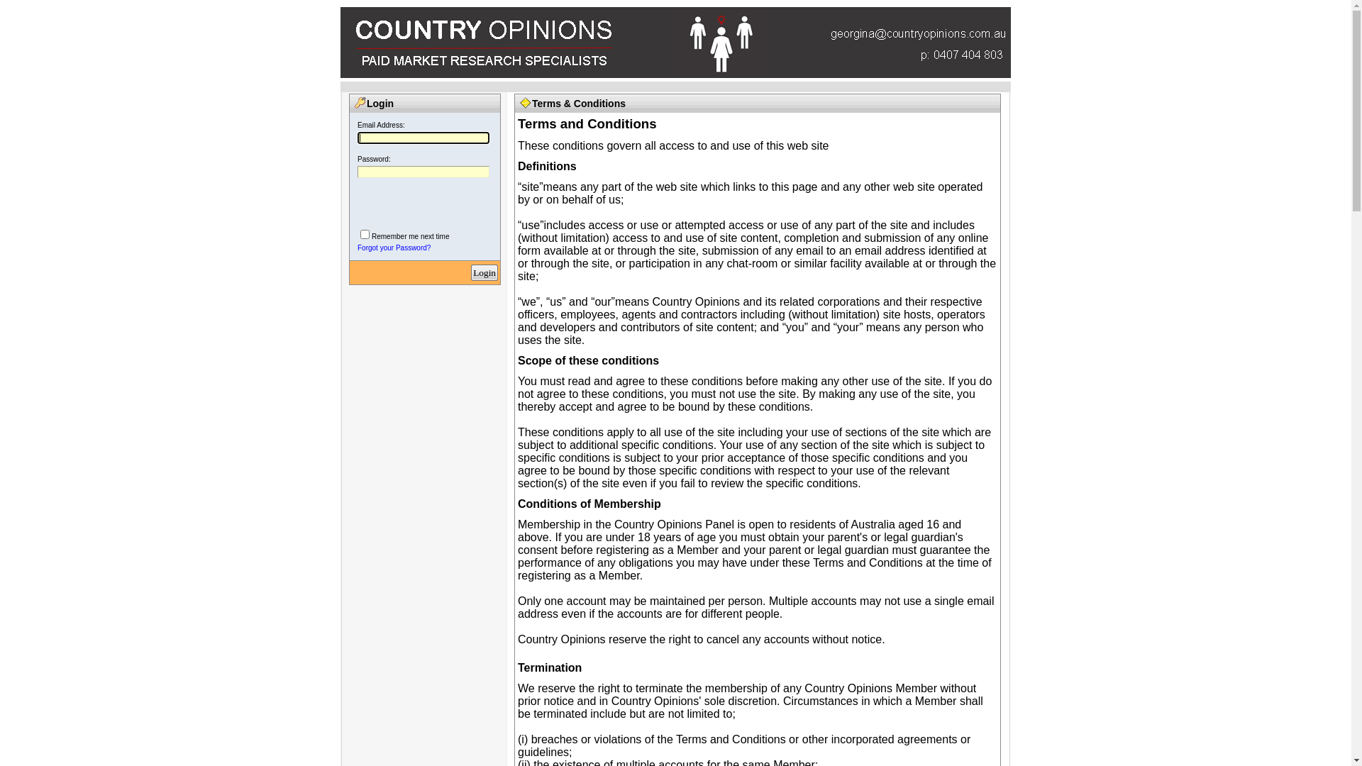 This screenshot has width=1362, height=766. Describe the element at coordinates (484, 272) in the screenshot. I see `'Login'` at that location.